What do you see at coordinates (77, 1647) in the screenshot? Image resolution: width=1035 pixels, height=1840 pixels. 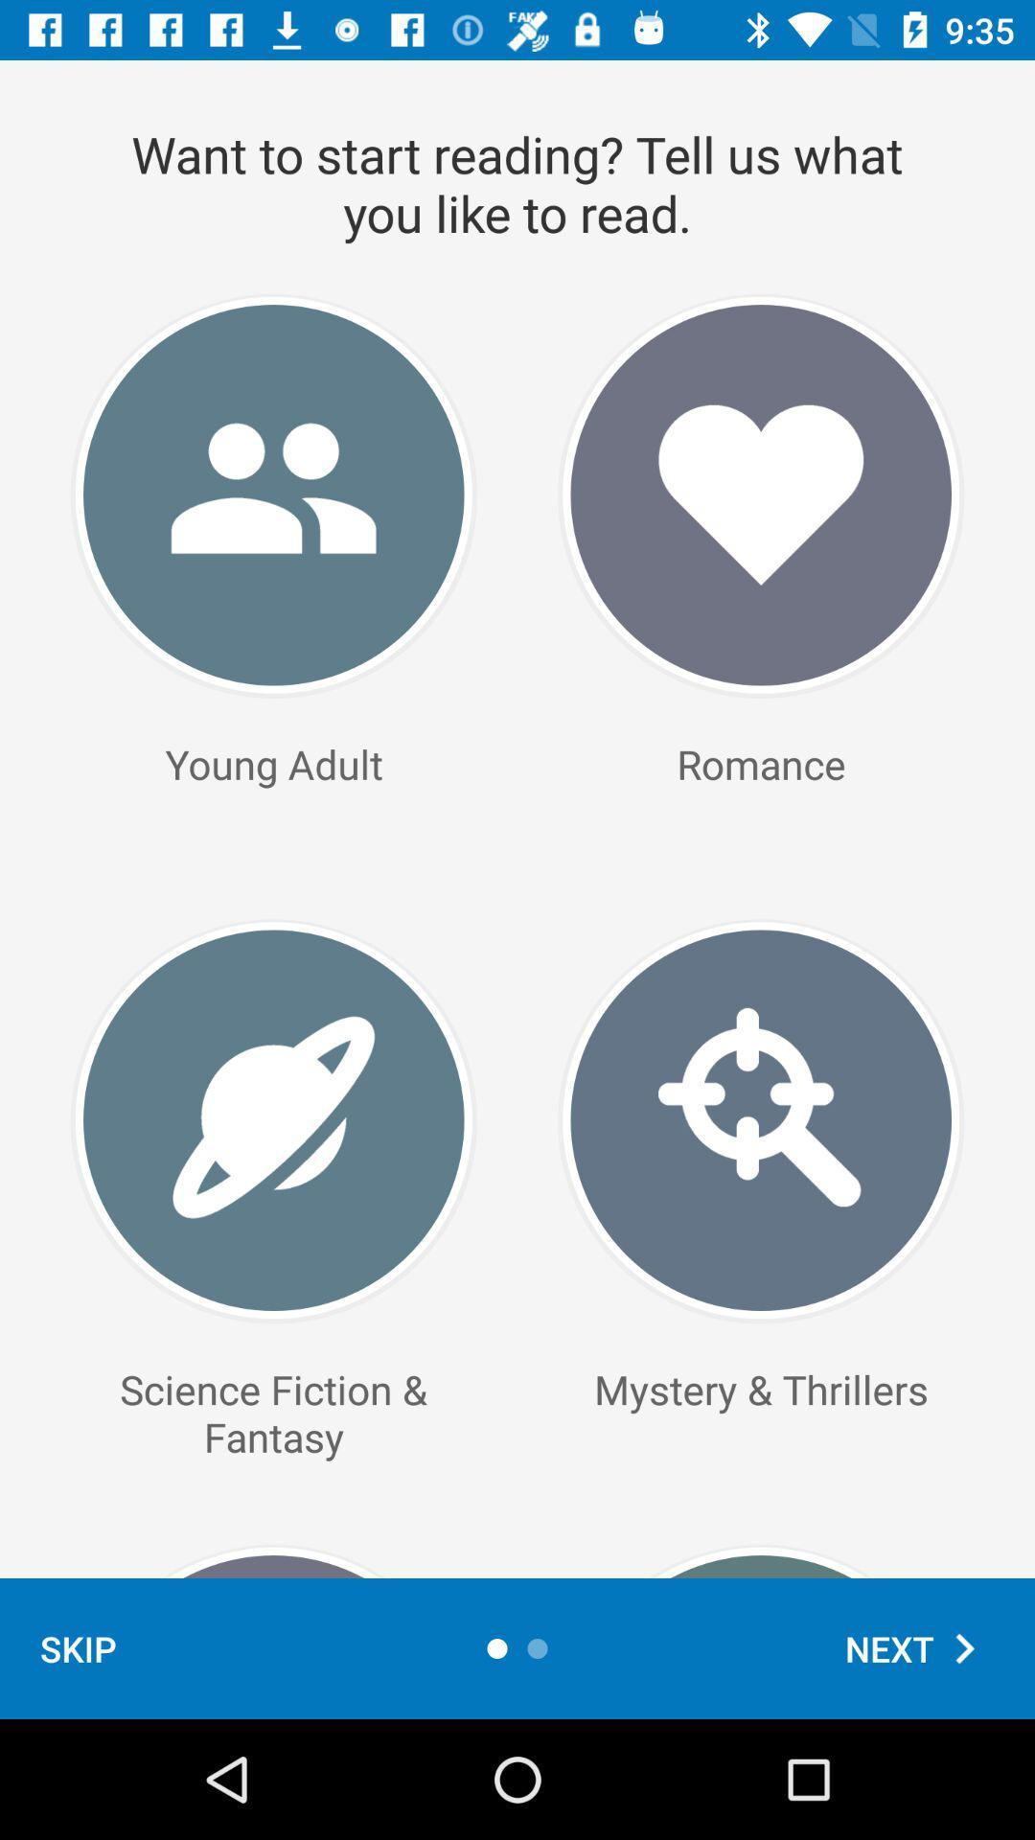 I see `icon below science fiction & fantasy item` at bounding box center [77, 1647].